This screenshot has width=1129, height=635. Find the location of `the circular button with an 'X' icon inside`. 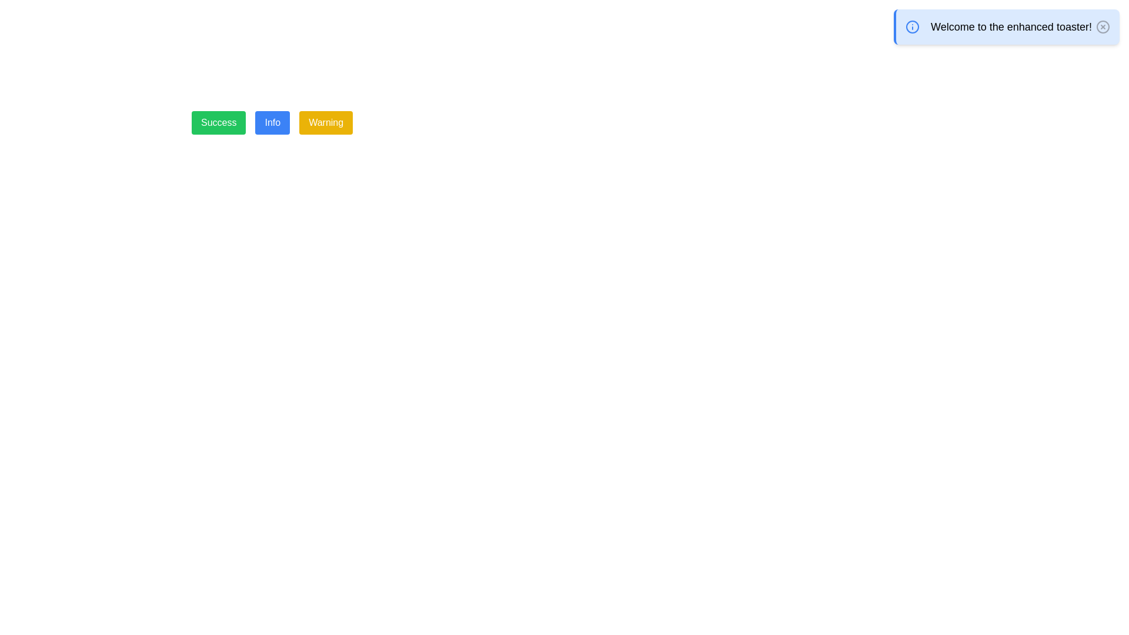

the circular button with an 'X' icon inside is located at coordinates (1103, 26).